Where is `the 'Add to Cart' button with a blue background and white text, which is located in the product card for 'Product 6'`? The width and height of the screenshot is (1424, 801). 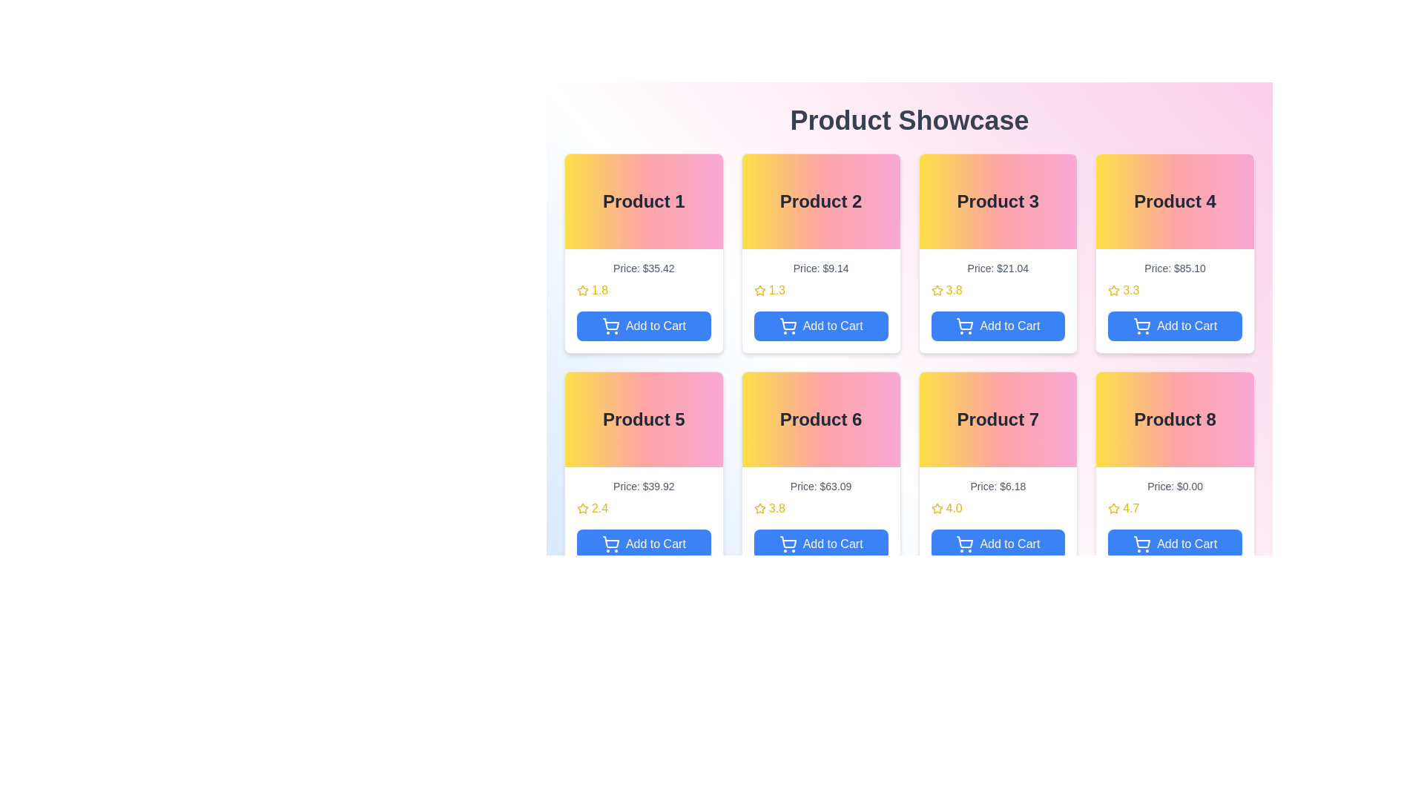 the 'Add to Cart' button with a blue background and white text, which is located in the product card for 'Product 6' is located at coordinates (820, 544).